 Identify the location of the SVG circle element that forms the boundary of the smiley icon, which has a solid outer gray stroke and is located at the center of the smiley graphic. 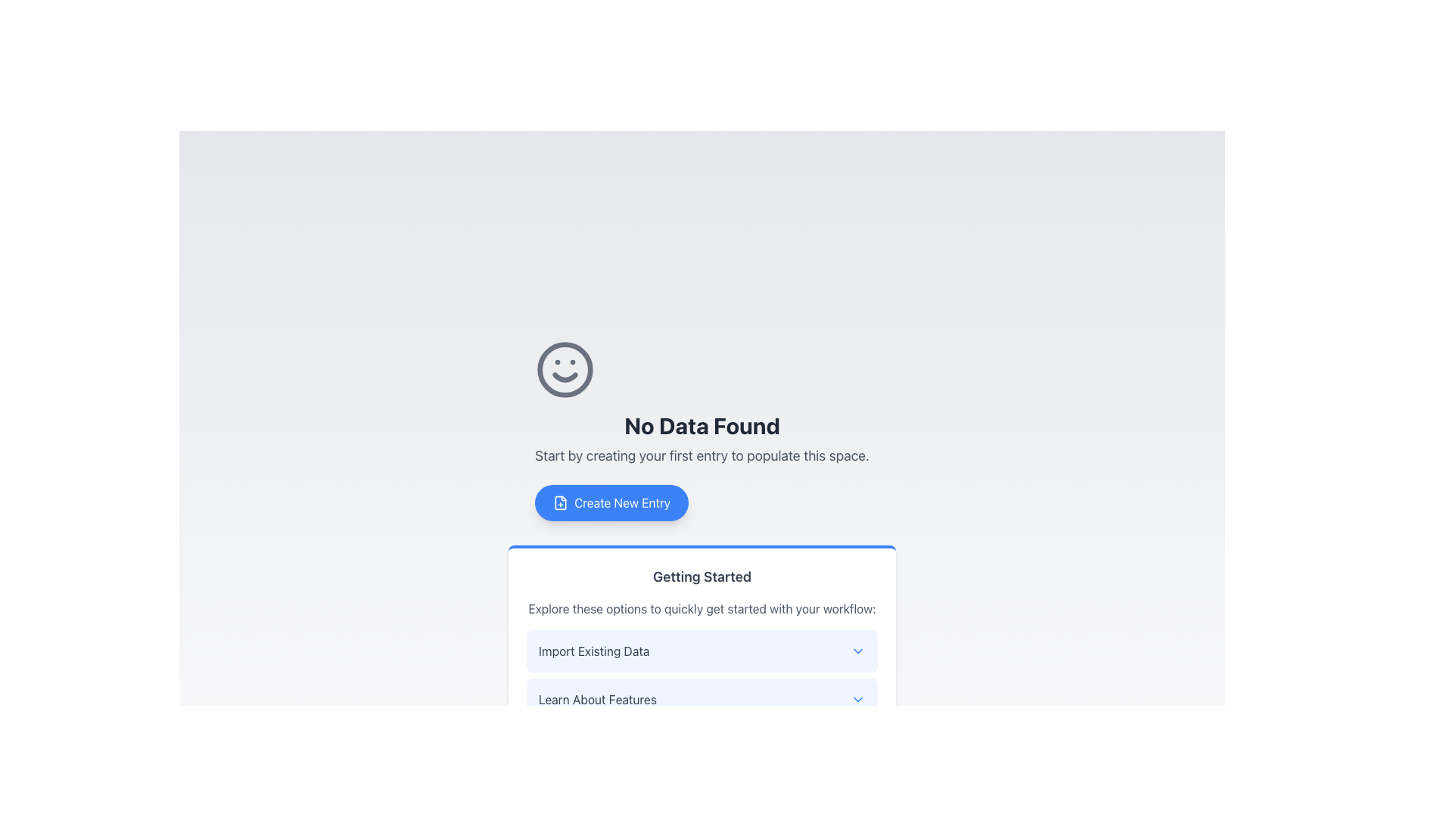
(565, 370).